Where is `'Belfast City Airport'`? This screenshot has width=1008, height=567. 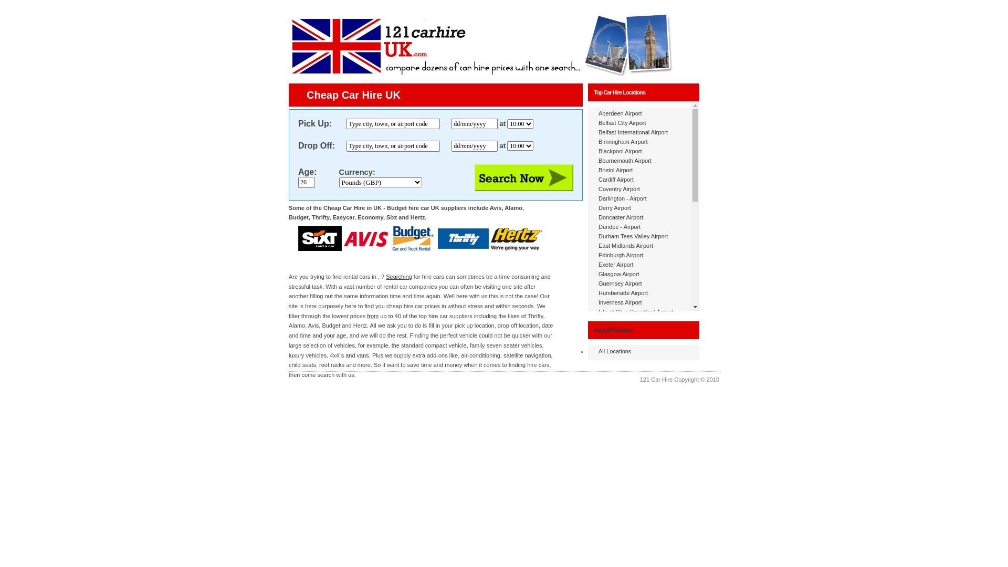
'Belfast City Airport' is located at coordinates (622, 122).